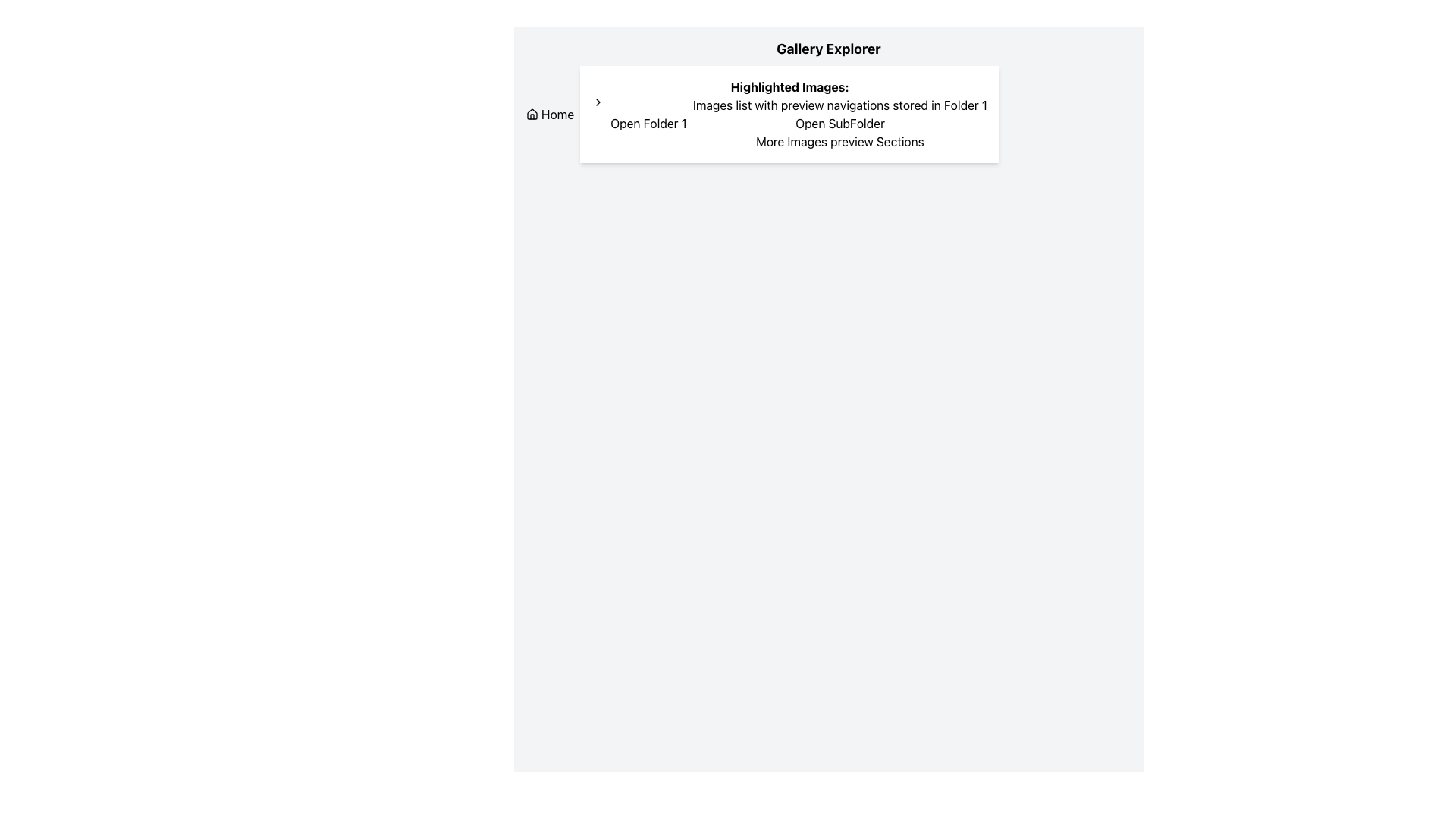 Image resolution: width=1456 pixels, height=819 pixels. Describe the element at coordinates (839, 122) in the screenshot. I see `textual information from the composite UI component that includes a title and supplementary information, located at the upper center of the interface` at that location.